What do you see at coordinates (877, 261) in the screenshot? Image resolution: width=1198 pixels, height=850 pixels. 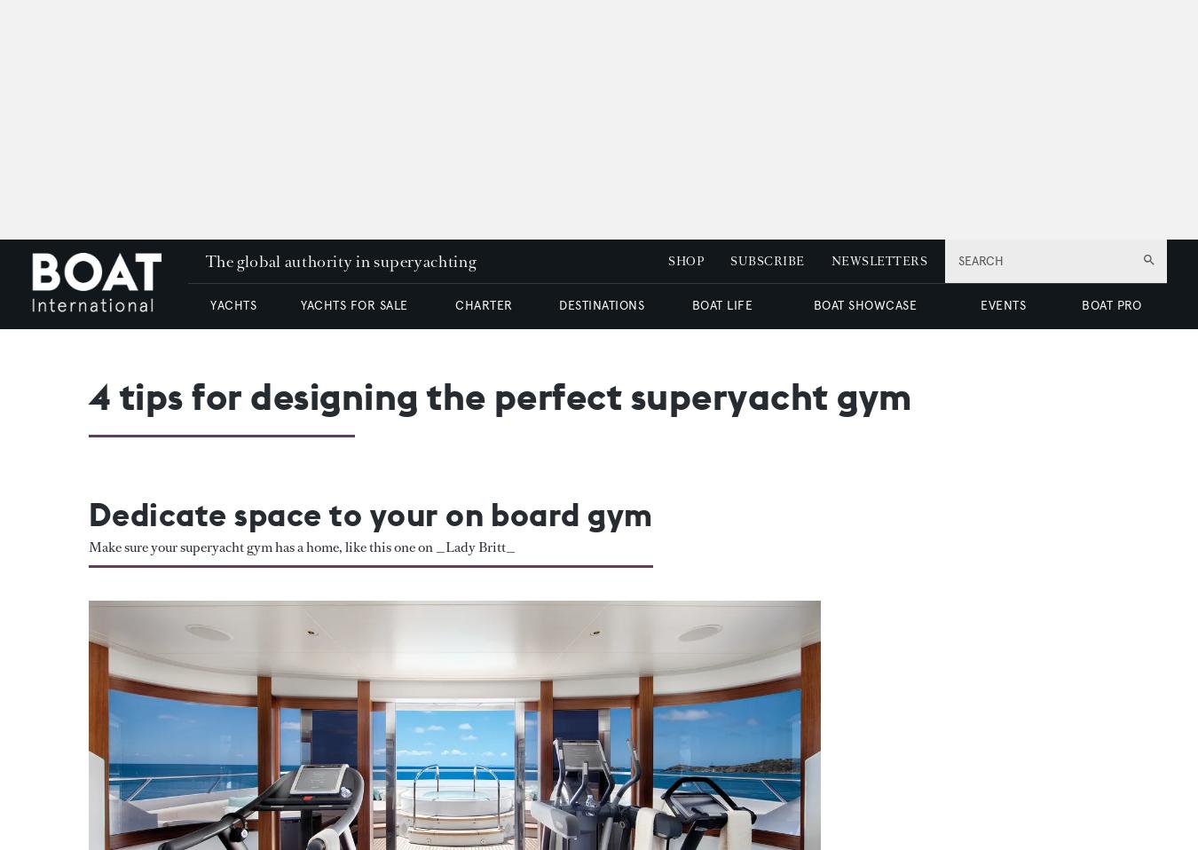 I see `'NEWSLETTERS'` at bounding box center [877, 261].